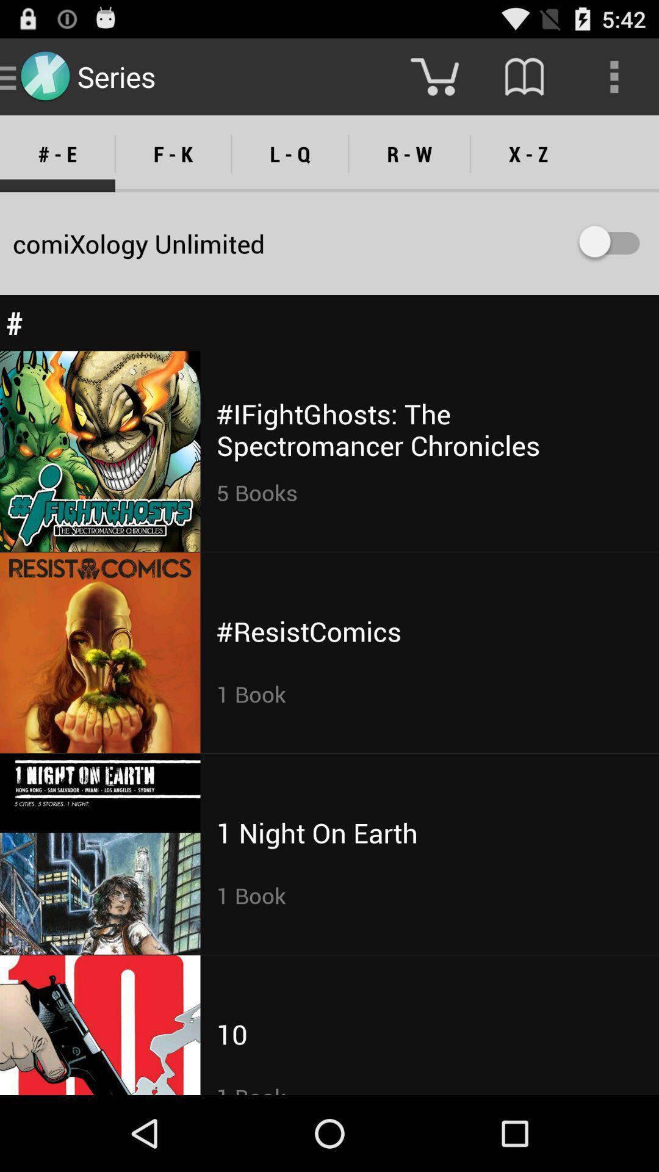 The image size is (659, 1172). What do you see at coordinates (290, 153) in the screenshot?
I see `item above comixology unlimited icon` at bounding box center [290, 153].